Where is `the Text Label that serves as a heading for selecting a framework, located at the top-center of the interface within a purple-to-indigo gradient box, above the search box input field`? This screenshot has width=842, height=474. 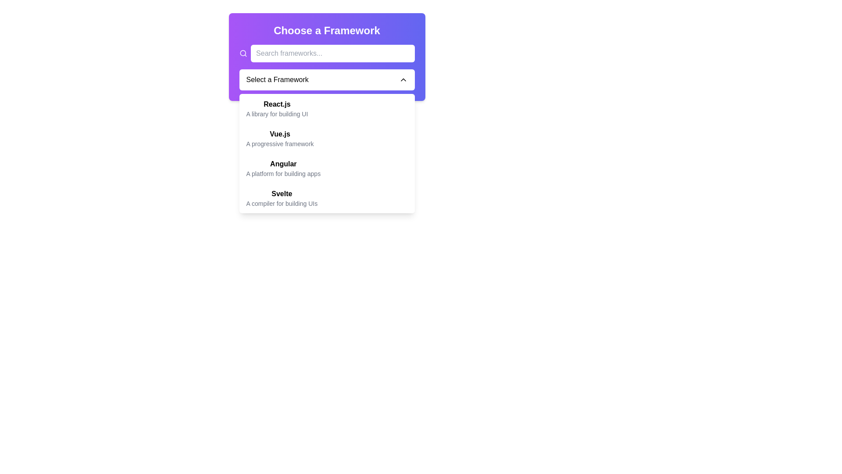 the Text Label that serves as a heading for selecting a framework, located at the top-center of the interface within a purple-to-indigo gradient box, above the search box input field is located at coordinates (326, 30).